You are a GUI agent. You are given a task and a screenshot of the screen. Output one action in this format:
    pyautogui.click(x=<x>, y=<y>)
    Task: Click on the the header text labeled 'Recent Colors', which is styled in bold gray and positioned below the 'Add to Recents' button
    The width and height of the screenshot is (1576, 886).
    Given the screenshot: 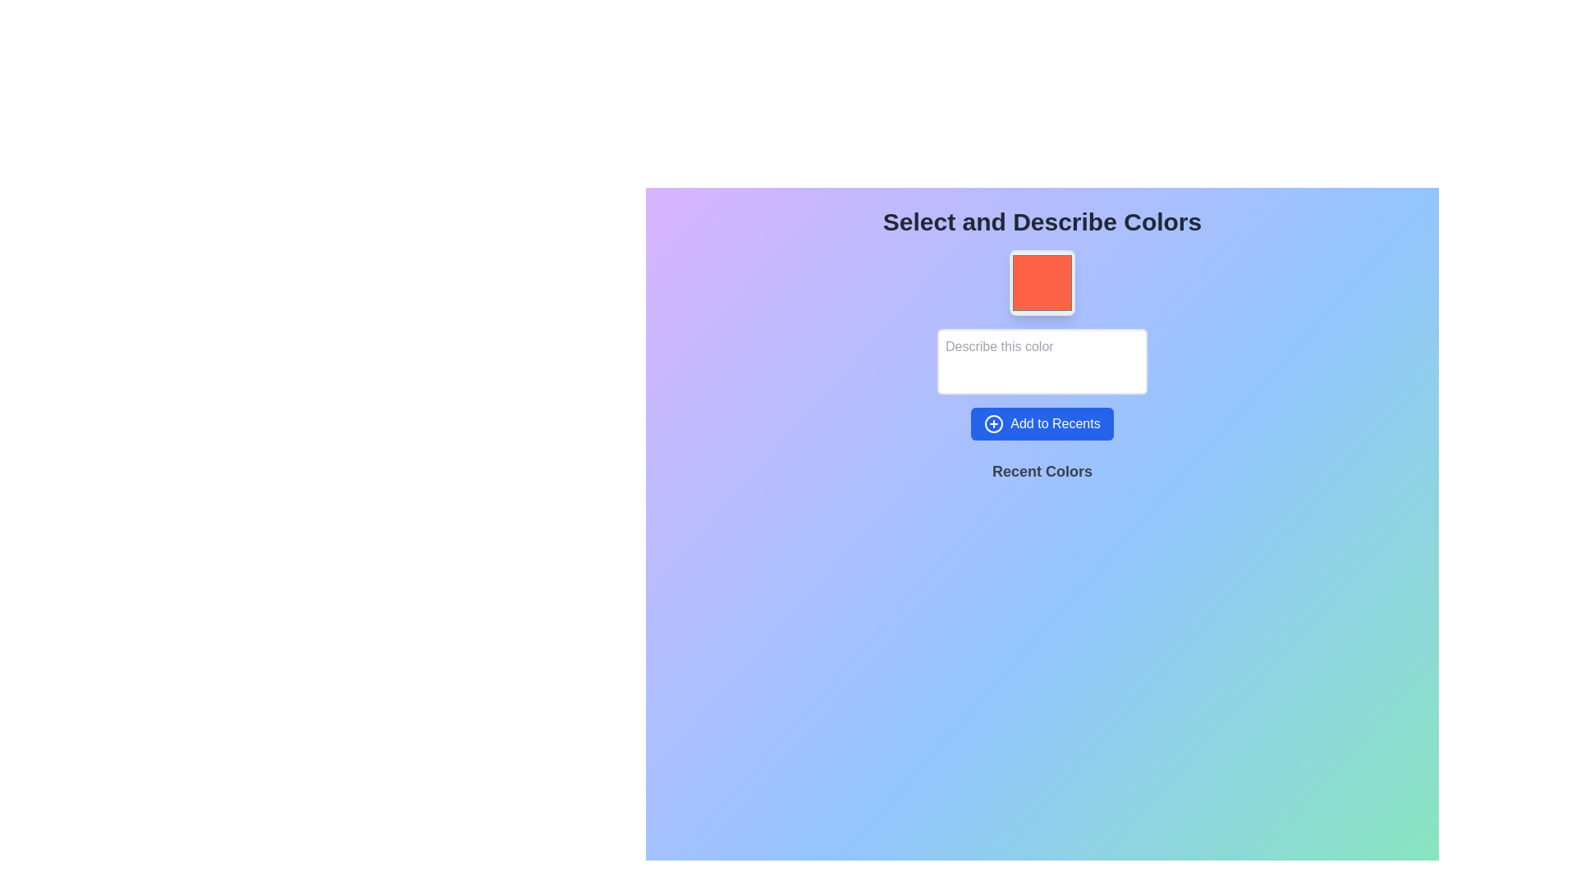 What is the action you would take?
    pyautogui.click(x=1042, y=477)
    